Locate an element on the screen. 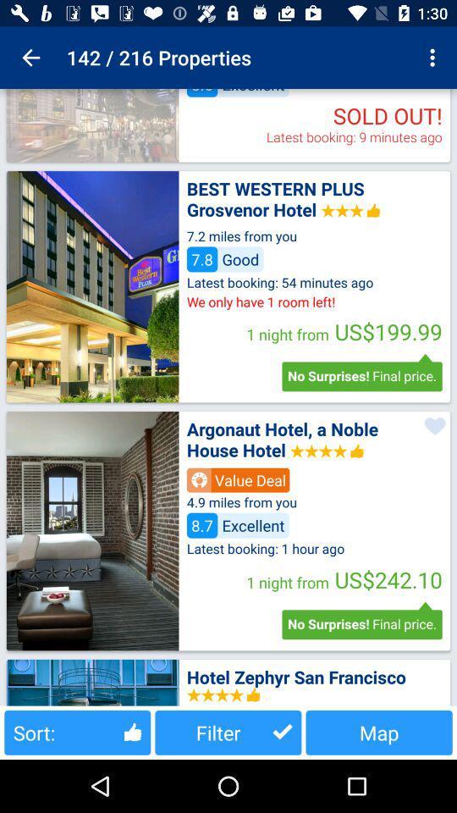 The width and height of the screenshot is (457, 813). the button to the left of filter icon is located at coordinates (76, 732).